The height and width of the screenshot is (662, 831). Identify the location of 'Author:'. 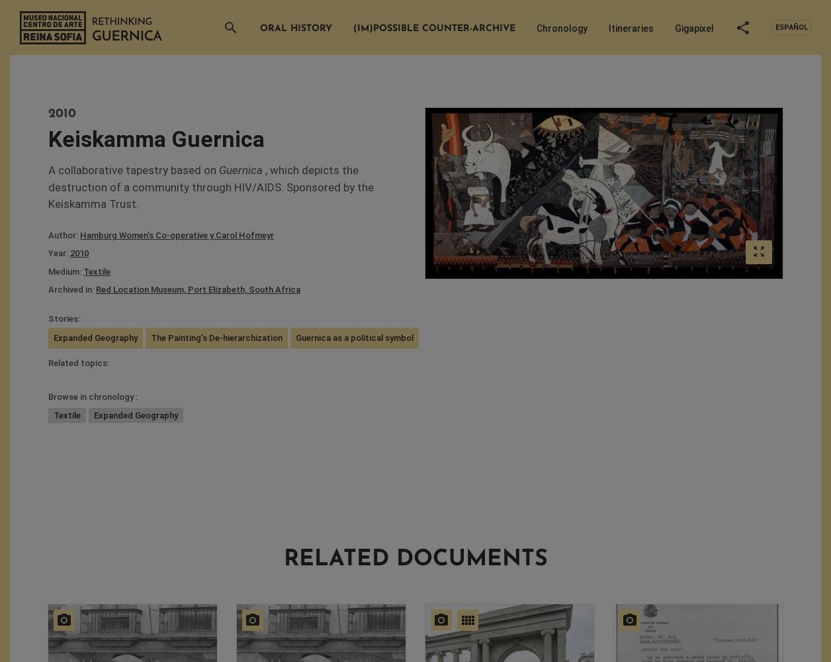
(64, 234).